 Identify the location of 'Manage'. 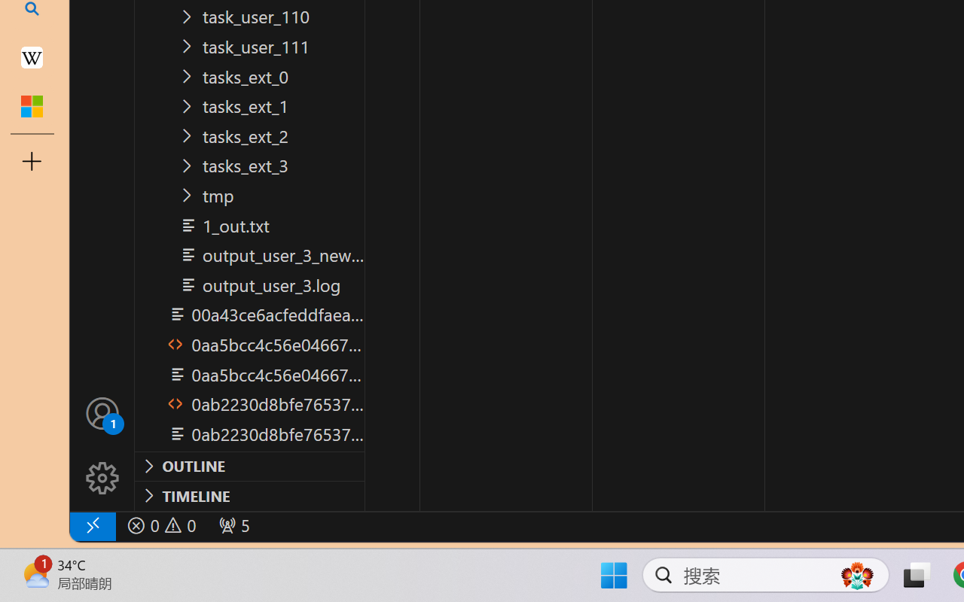
(101, 445).